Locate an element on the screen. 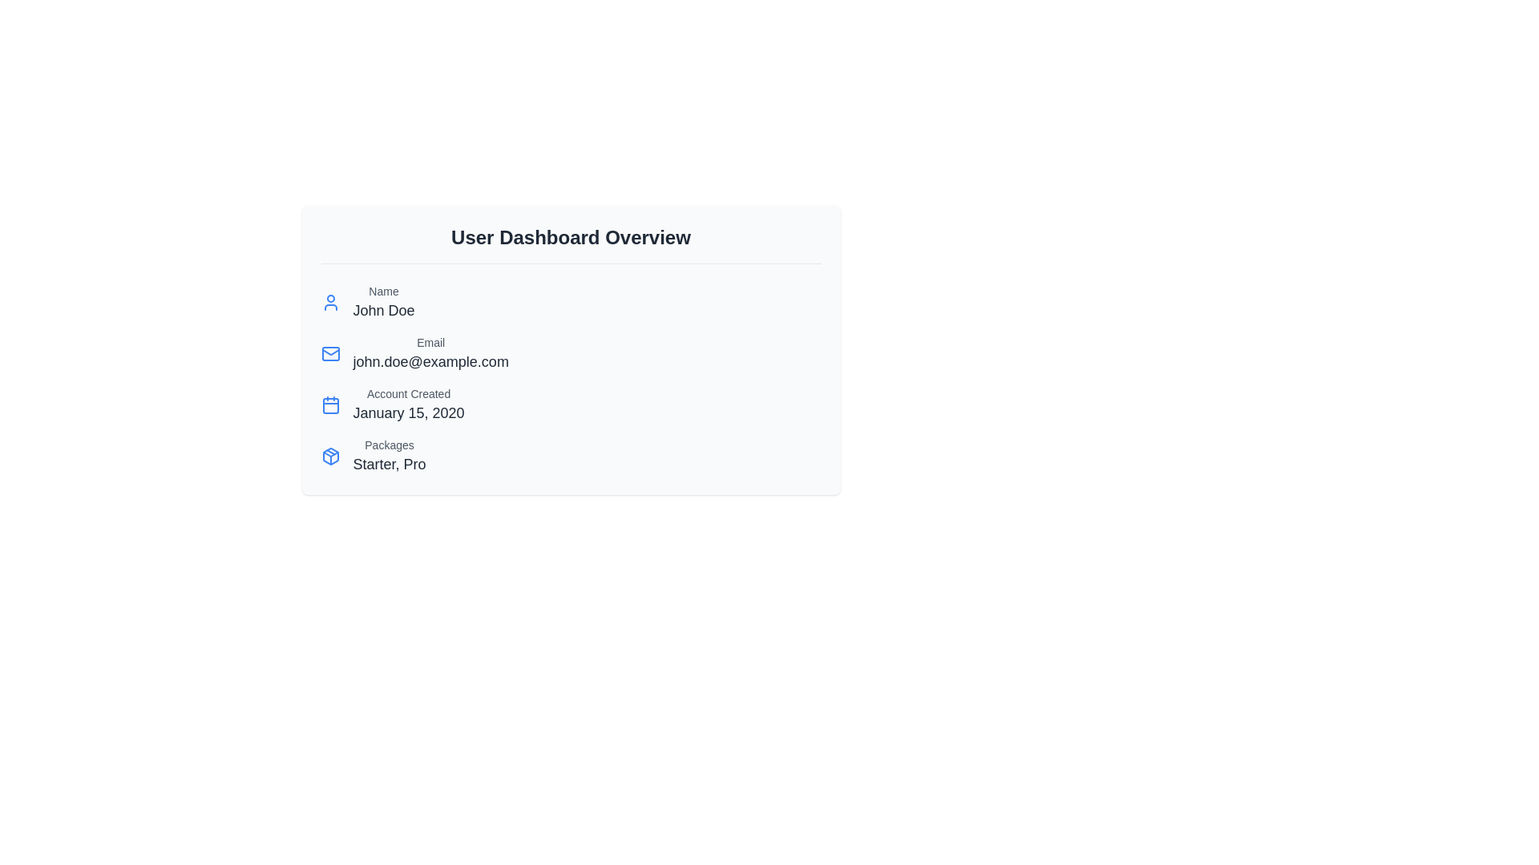 The height and width of the screenshot is (865, 1539). user's email address displayed in the Informational section located in the 'Email' section of the user dashboard, which is positioned below the 'Name' section and above the 'Account Created' section is located at coordinates (571, 353).